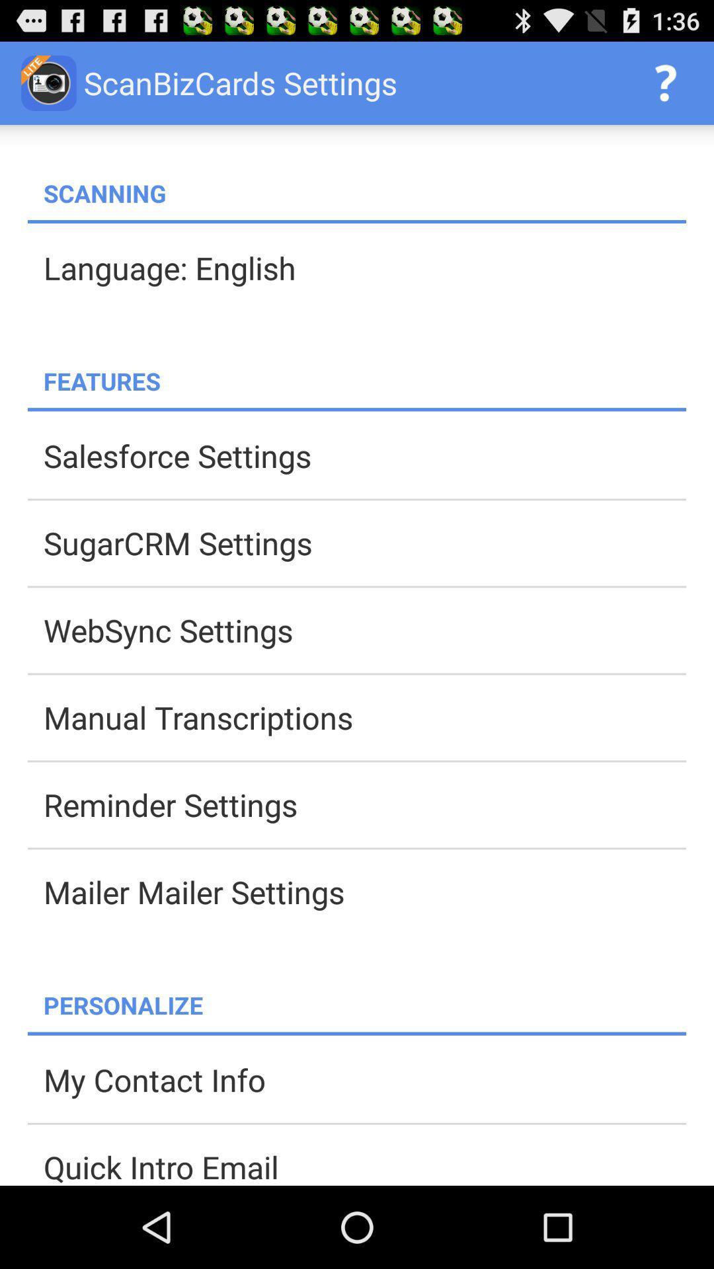 This screenshot has width=714, height=1269. What do you see at coordinates (357, 221) in the screenshot?
I see `the app above the language: english app` at bounding box center [357, 221].